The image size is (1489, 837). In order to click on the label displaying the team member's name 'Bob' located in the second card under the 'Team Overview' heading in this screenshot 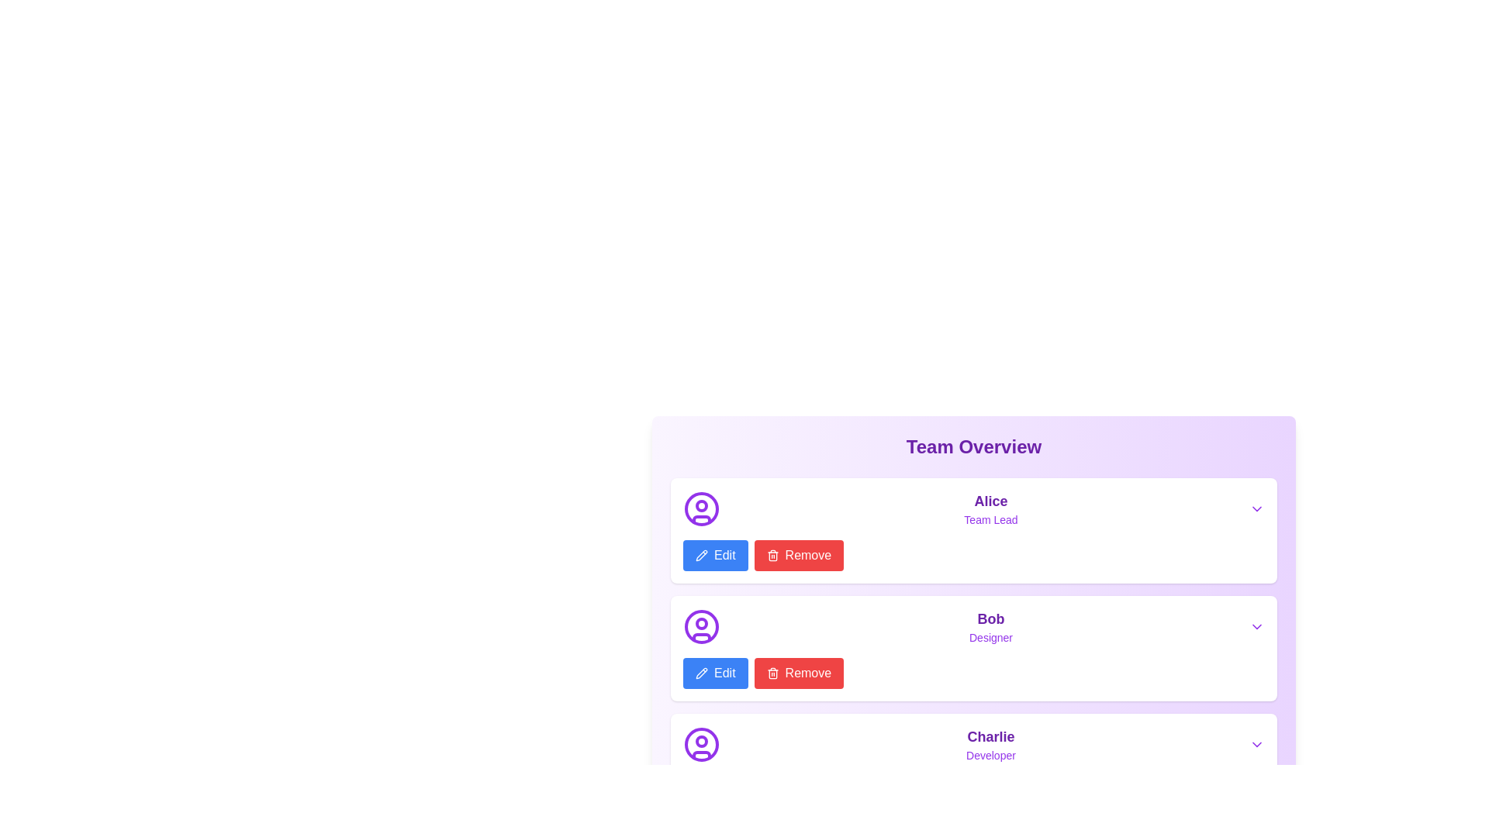, I will do `click(990, 618)`.